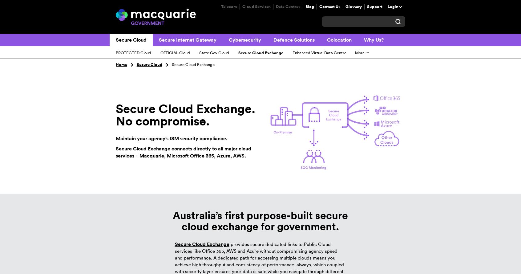 Image resolution: width=521 pixels, height=274 pixels. I want to click on 'Contact Us', so click(329, 6).